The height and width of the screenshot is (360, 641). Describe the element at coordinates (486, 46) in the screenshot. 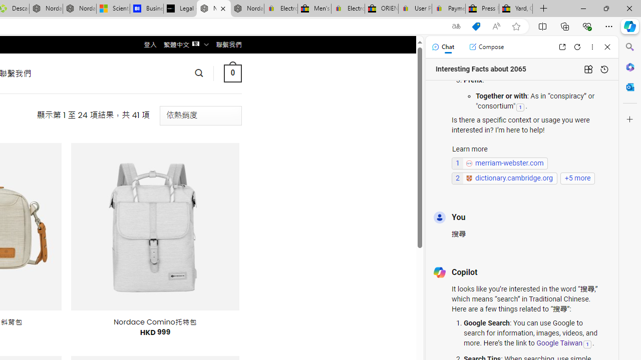

I see `'Compose'` at that location.